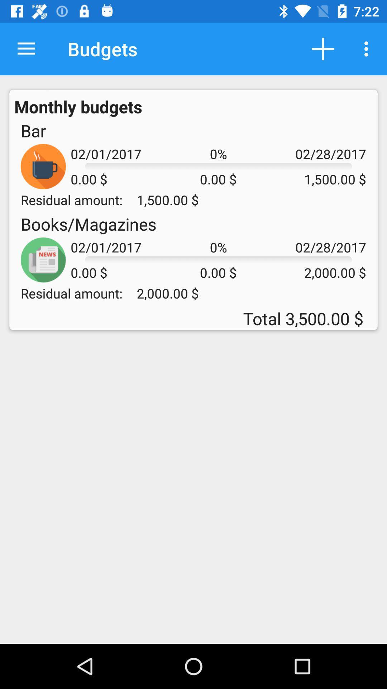 The height and width of the screenshot is (689, 387). What do you see at coordinates (26, 48) in the screenshot?
I see `the item above the monthly budgets` at bounding box center [26, 48].